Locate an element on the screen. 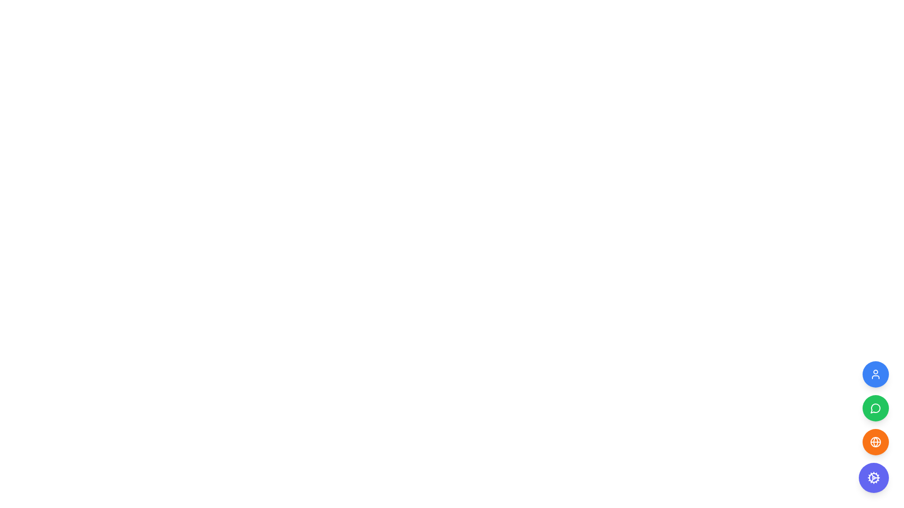  the gear icon located at the bottom-right corner of the interface is located at coordinates (873, 477).